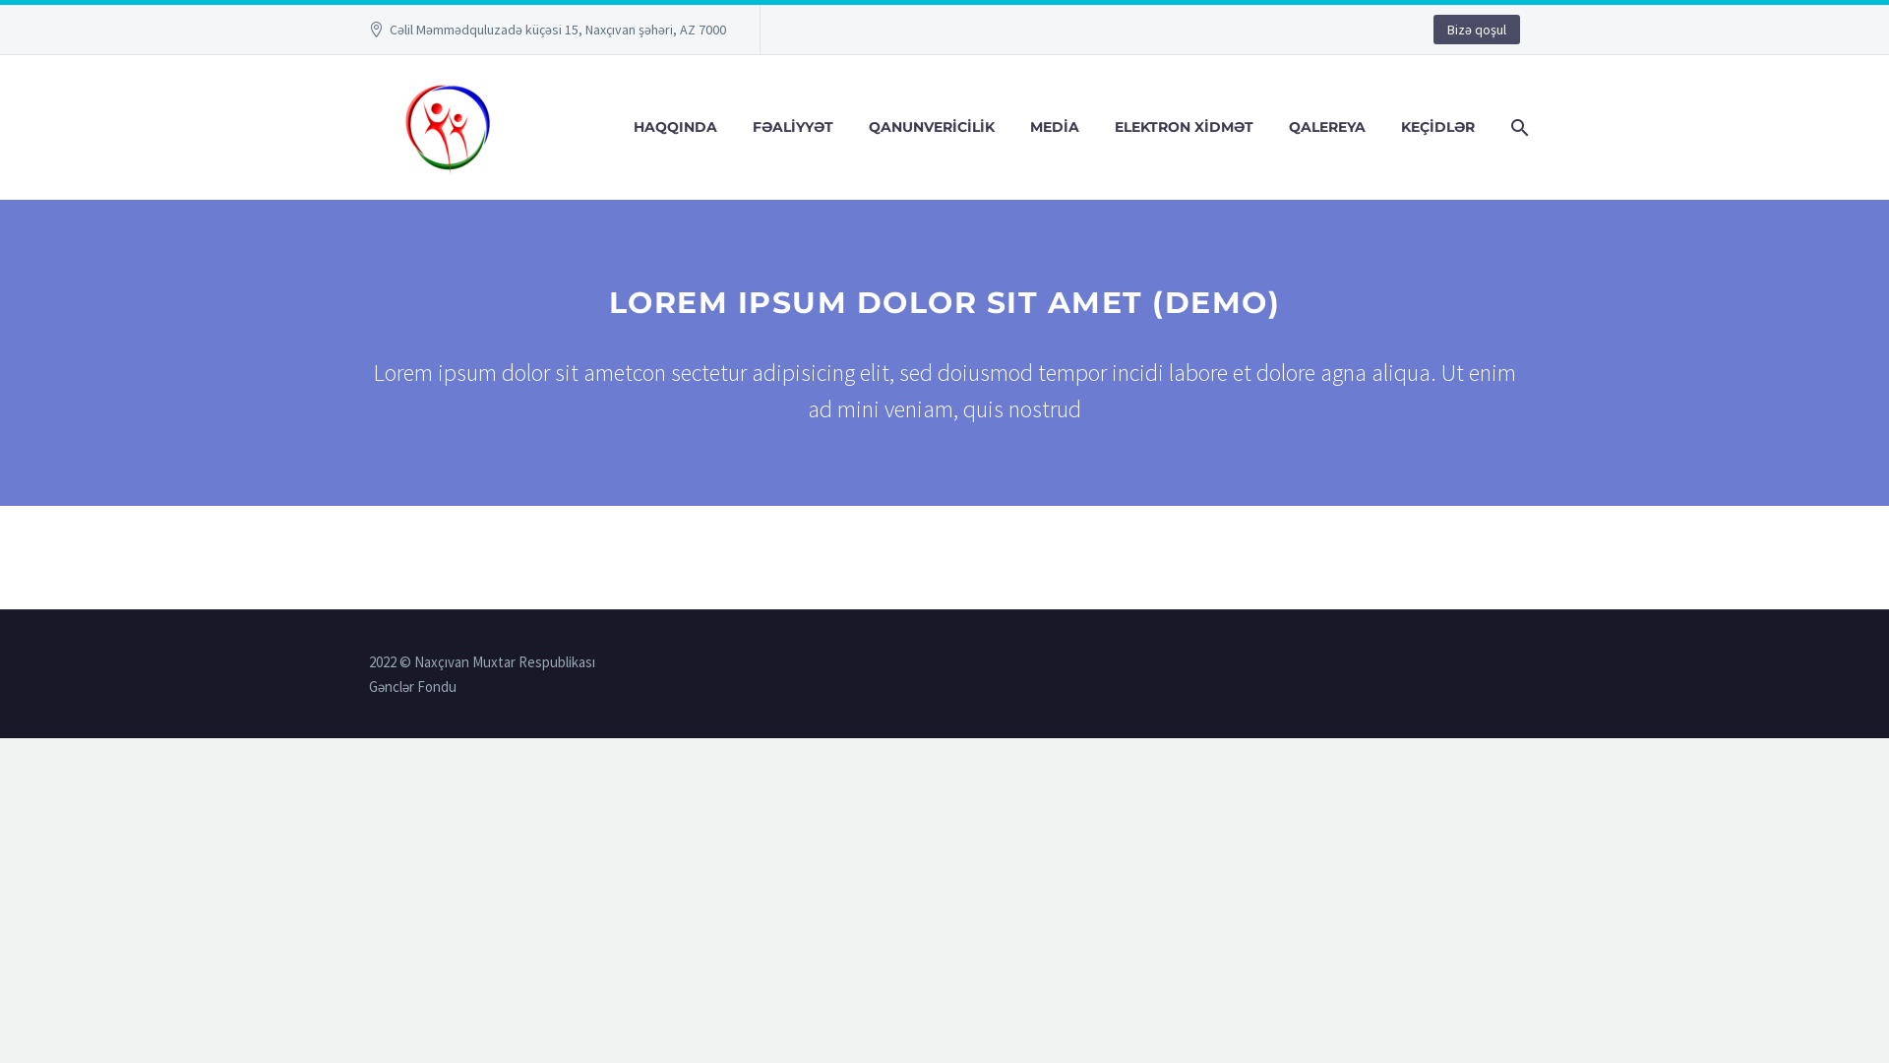 The height and width of the screenshot is (1063, 1889). What do you see at coordinates (1326, 127) in the screenshot?
I see `'QALEREYA'` at bounding box center [1326, 127].